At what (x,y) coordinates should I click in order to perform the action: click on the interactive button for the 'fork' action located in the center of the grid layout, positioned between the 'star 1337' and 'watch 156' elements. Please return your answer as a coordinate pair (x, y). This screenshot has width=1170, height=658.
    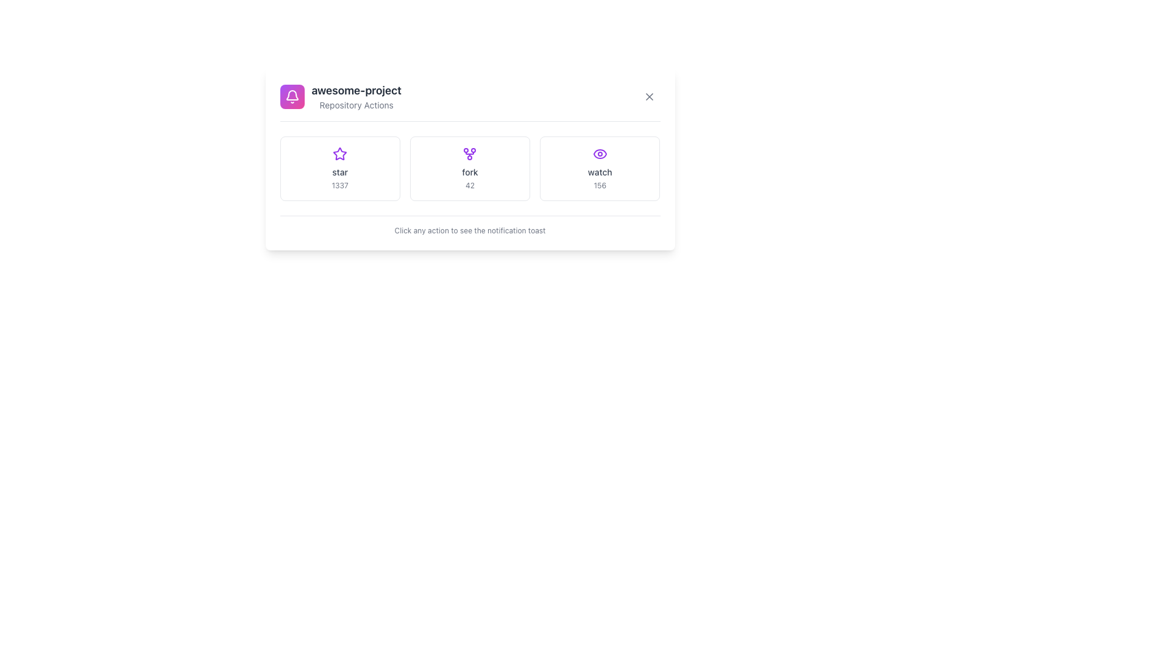
    Looking at the image, I should click on (469, 169).